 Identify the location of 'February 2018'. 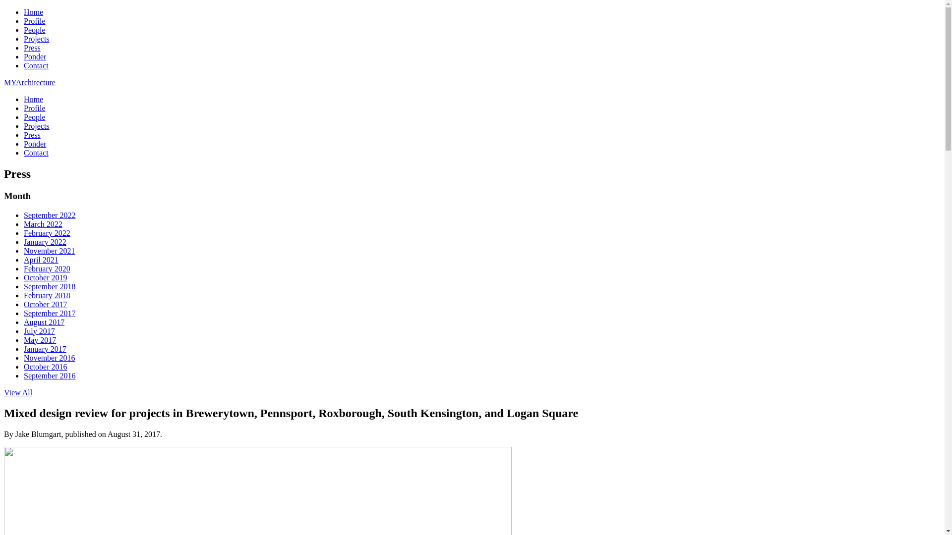
(24, 295).